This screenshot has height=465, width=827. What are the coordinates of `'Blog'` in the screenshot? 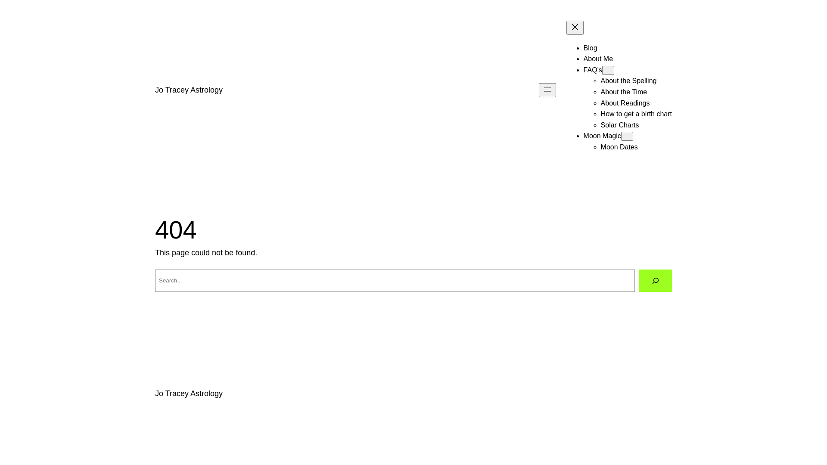 It's located at (590, 48).